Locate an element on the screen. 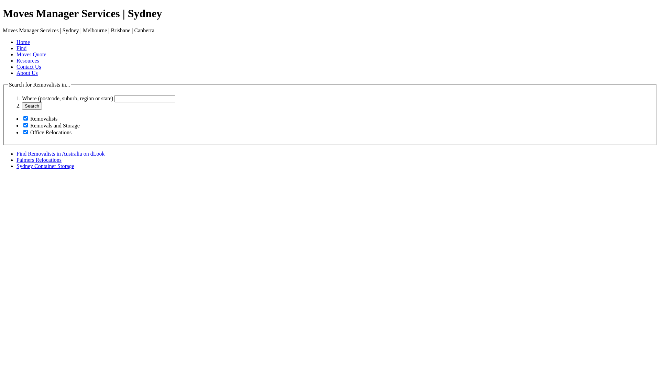  'About Us' is located at coordinates (16, 73).